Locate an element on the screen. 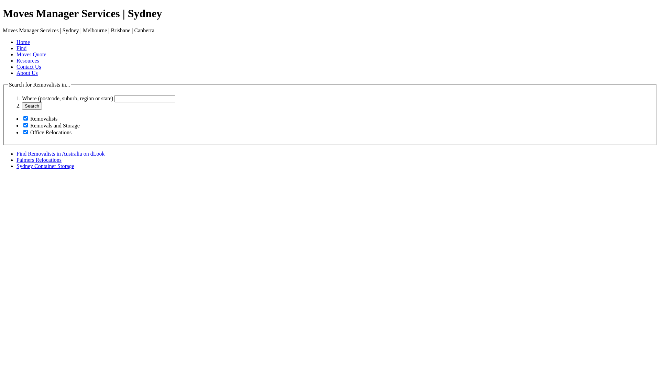  'About Us' is located at coordinates (16, 73).